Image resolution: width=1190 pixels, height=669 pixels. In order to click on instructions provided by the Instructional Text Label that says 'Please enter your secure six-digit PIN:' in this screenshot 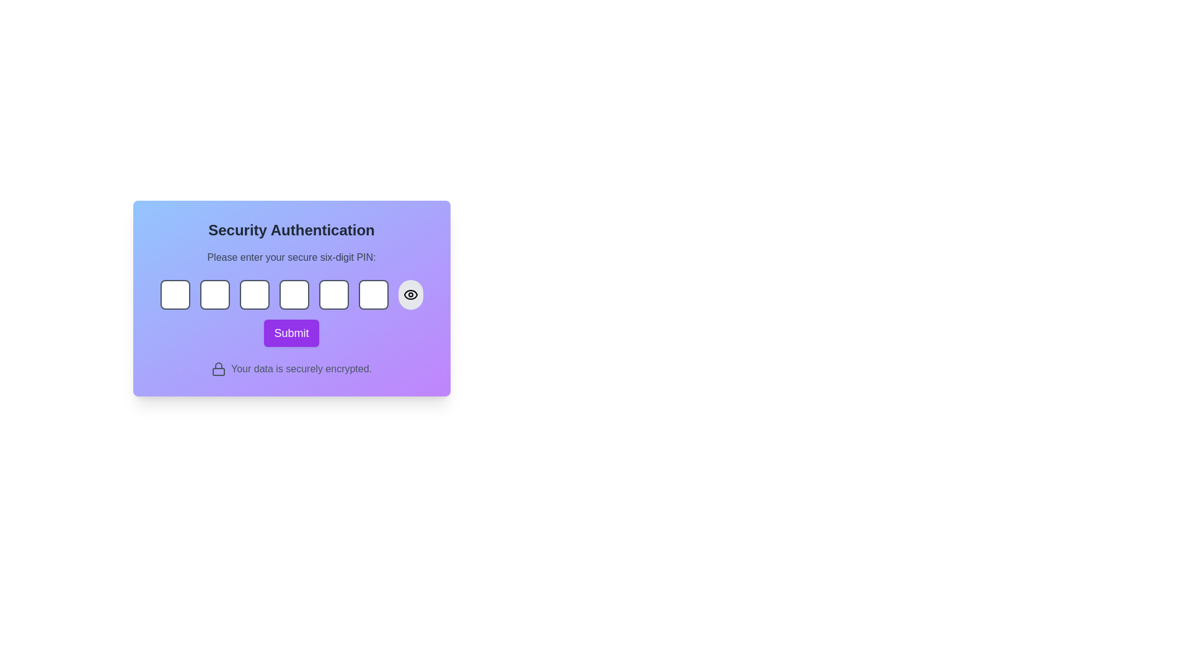, I will do `click(291, 257)`.